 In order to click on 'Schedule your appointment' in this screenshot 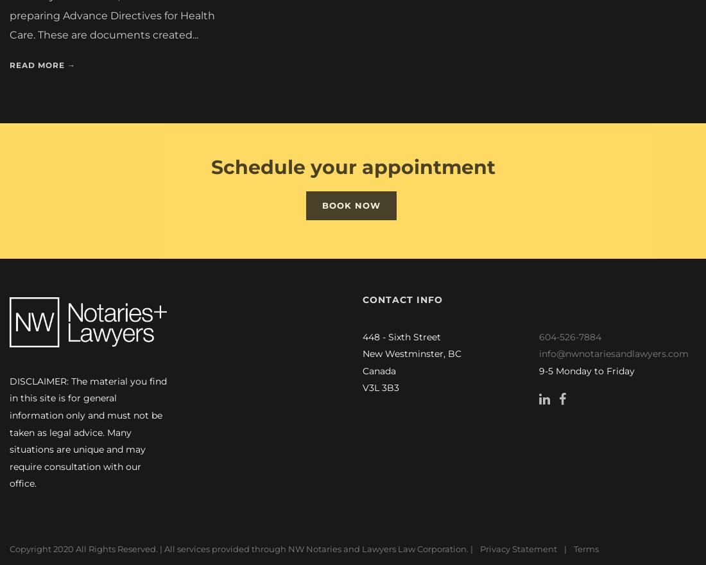, I will do `click(210, 163)`.